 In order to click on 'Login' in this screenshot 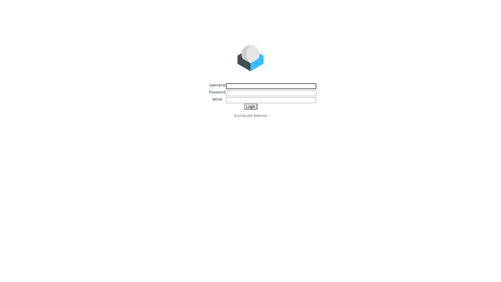, I will do `click(243, 106)`.